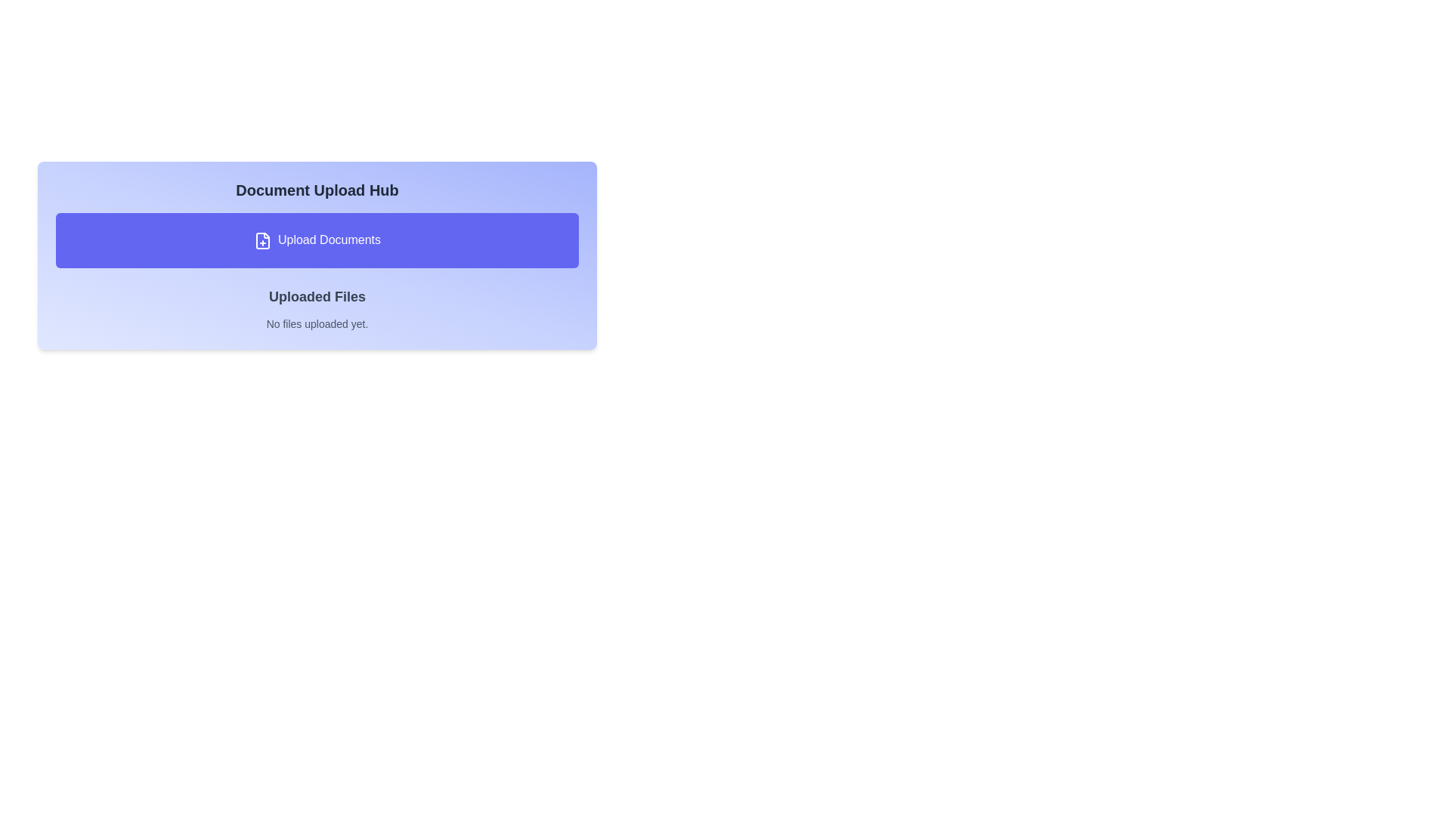 The width and height of the screenshot is (1451, 816). I want to click on the 'Uploaded Files' text label, which is prominently styled with a bold, large gray font and is located below the 'Upload Documents' button, so click(317, 296).